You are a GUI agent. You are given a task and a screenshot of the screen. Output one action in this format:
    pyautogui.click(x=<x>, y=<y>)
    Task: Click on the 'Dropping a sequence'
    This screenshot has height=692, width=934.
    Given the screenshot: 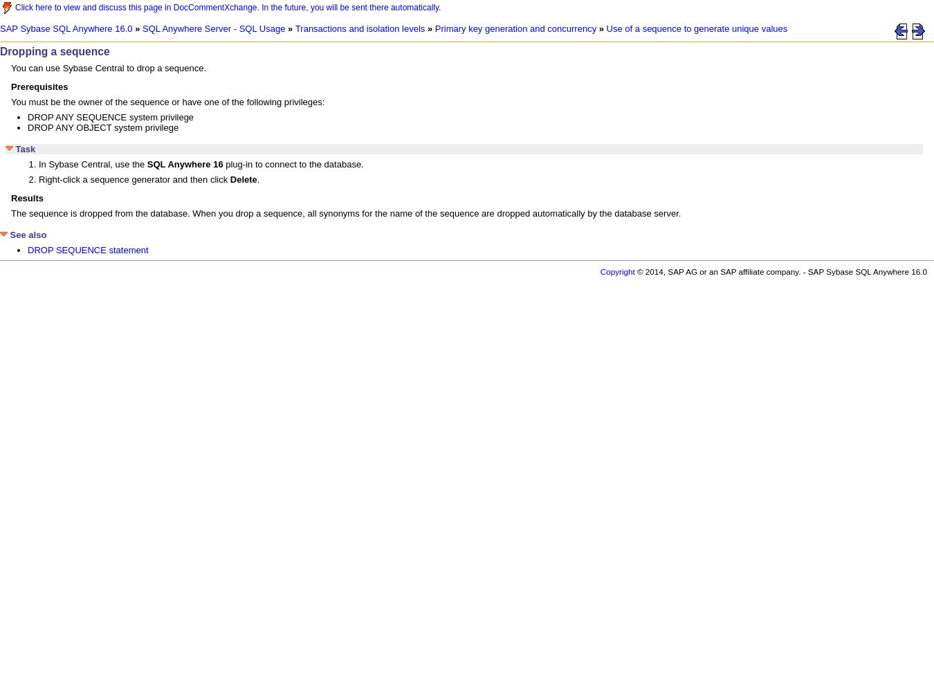 What is the action you would take?
    pyautogui.click(x=53, y=51)
    